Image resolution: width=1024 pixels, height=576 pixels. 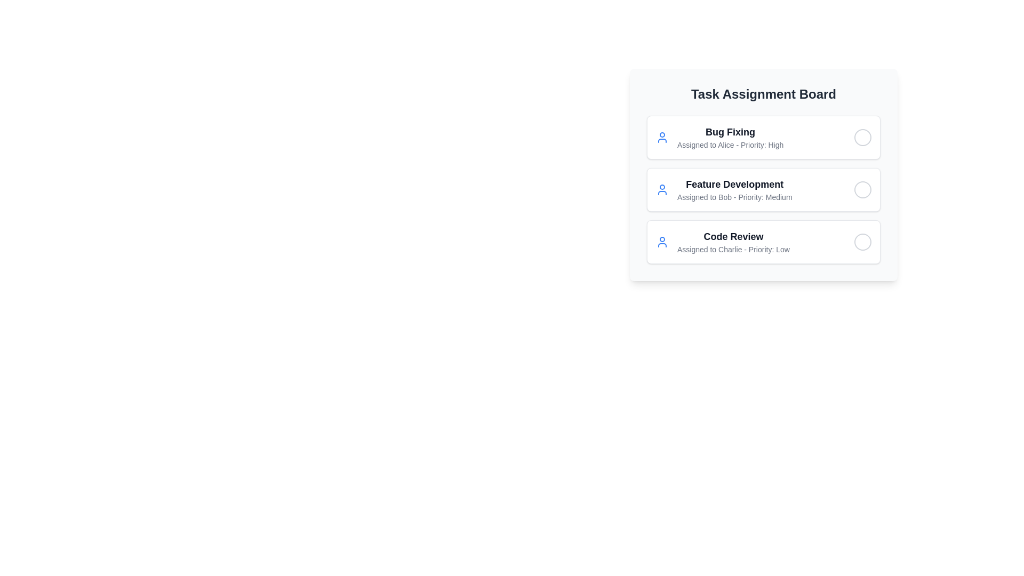 What do you see at coordinates (730, 145) in the screenshot?
I see `the text display label that provides details about the task 'Bug Fixing', which shows the assigned person as Alice and the priority level as High, located under the 'Task Assignment Board'` at bounding box center [730, 145].